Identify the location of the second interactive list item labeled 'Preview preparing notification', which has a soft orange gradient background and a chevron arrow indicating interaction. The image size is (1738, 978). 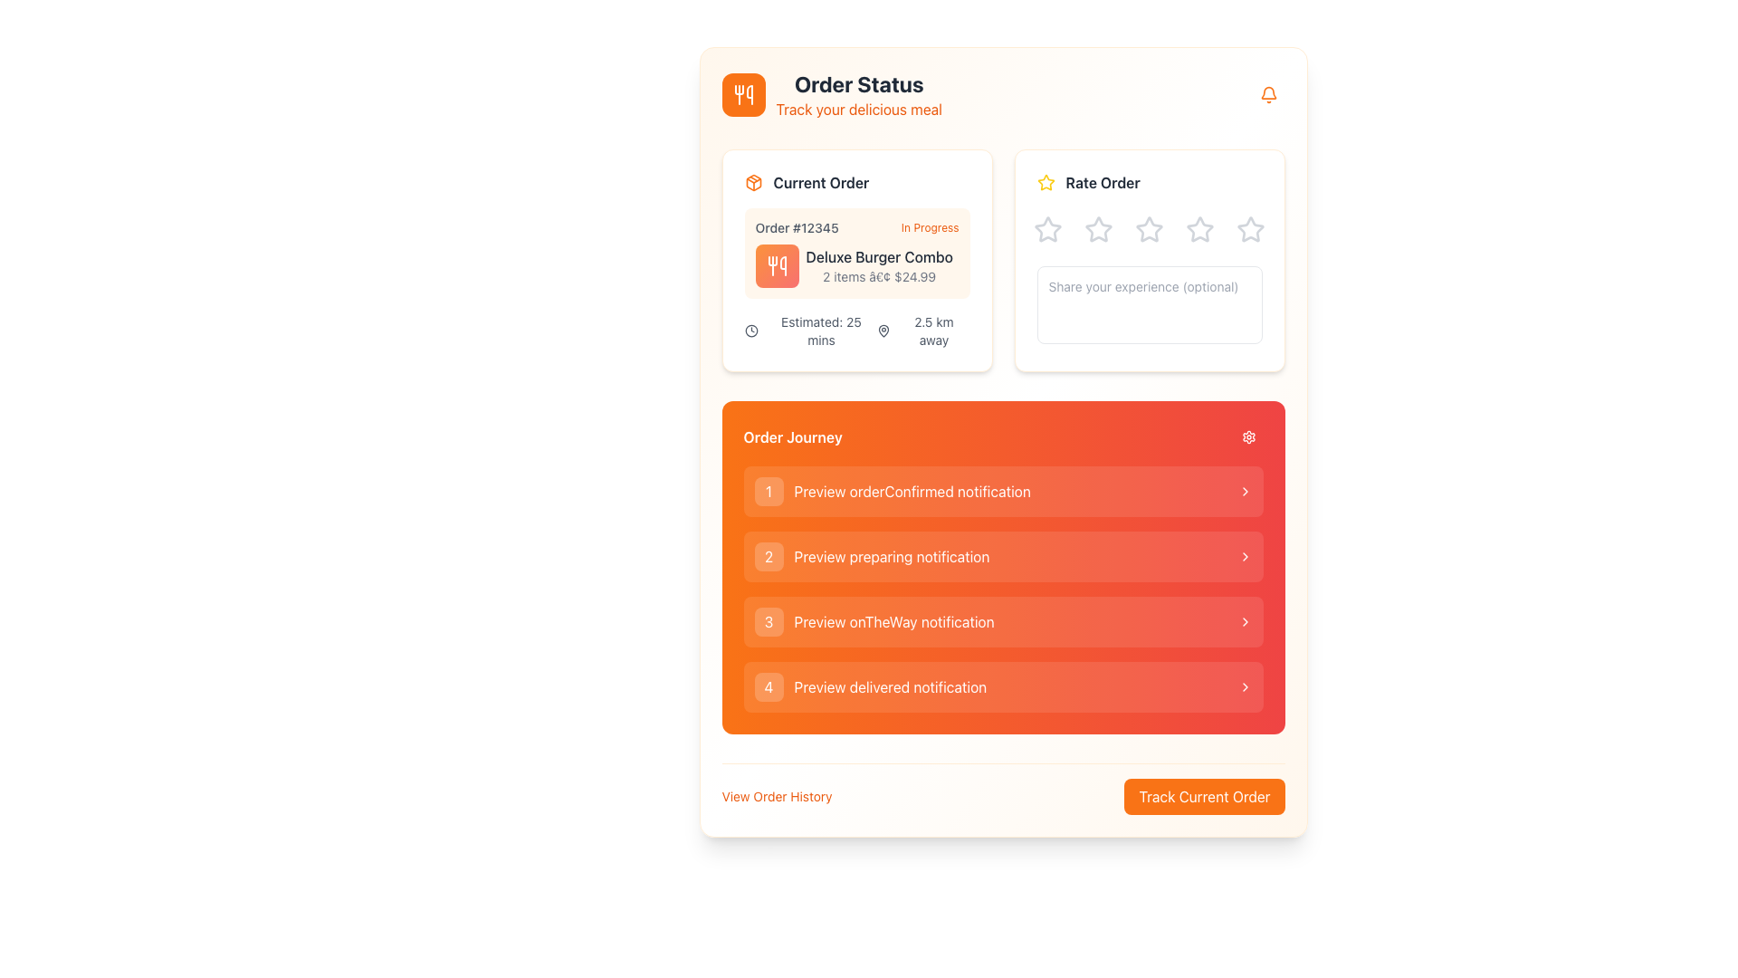
(1002, 590).